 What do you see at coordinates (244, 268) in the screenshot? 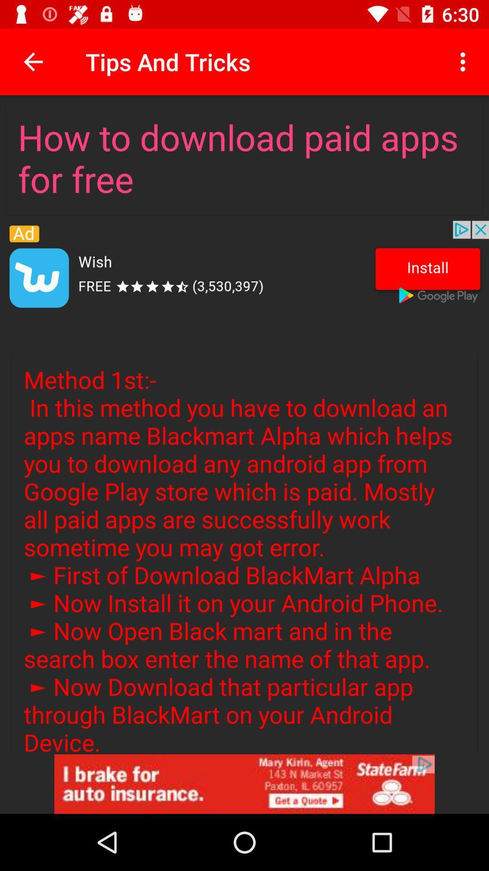
I see `install app` at bounding box center [244, 268].